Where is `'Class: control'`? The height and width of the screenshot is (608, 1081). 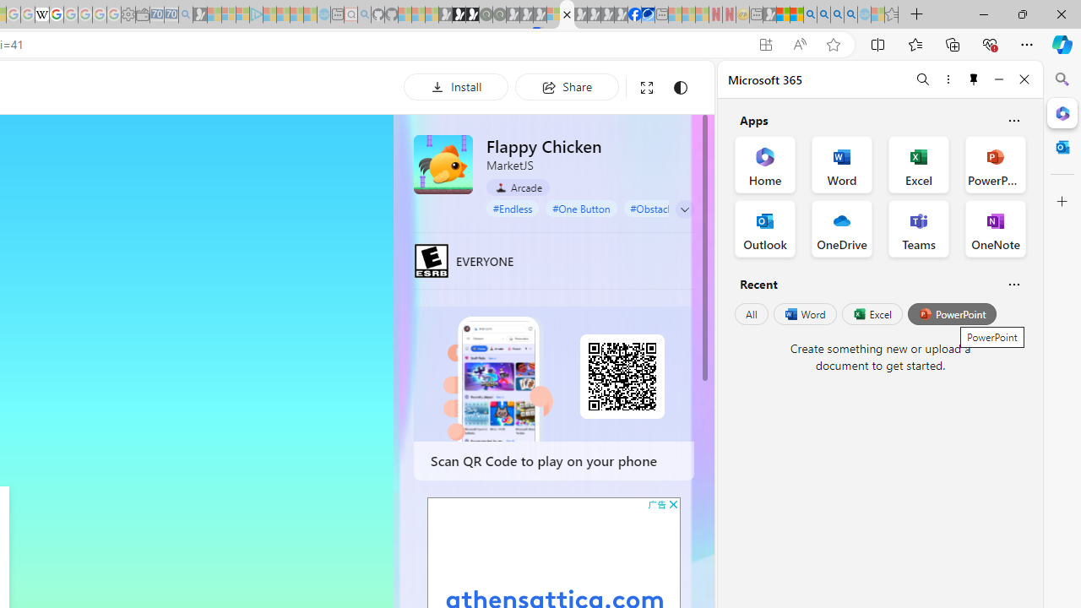 'Class: control' is located at coordinates (685, 209).